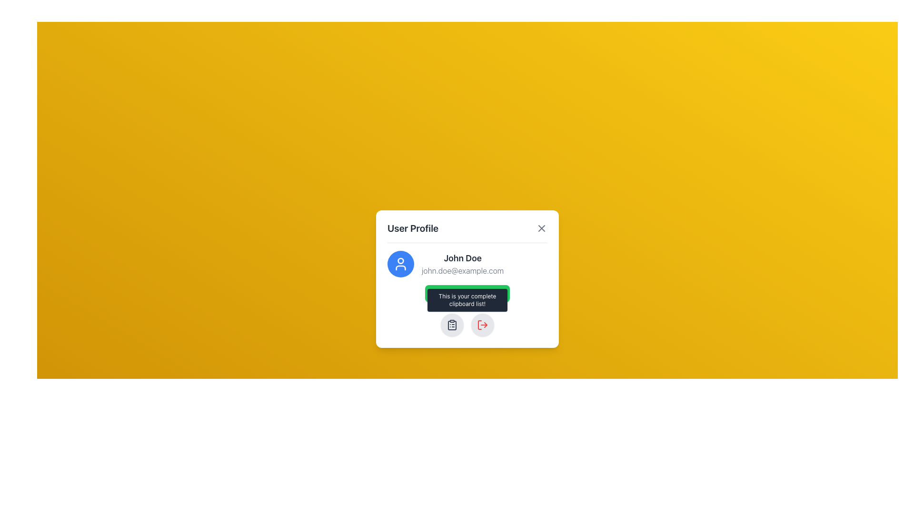  Describe the element at coordinates (482, 324) in the screenshot. I see `the logout button located below the main profile section, positioned to the right of a circular clipboard icon button` at that location.